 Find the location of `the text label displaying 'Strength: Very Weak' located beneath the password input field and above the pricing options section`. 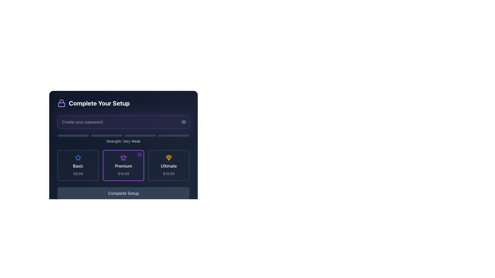

the text label displaying 'Strength: Very Weak' located beneath the password input field and above the pricing options section is located at coordinates (123, 139).